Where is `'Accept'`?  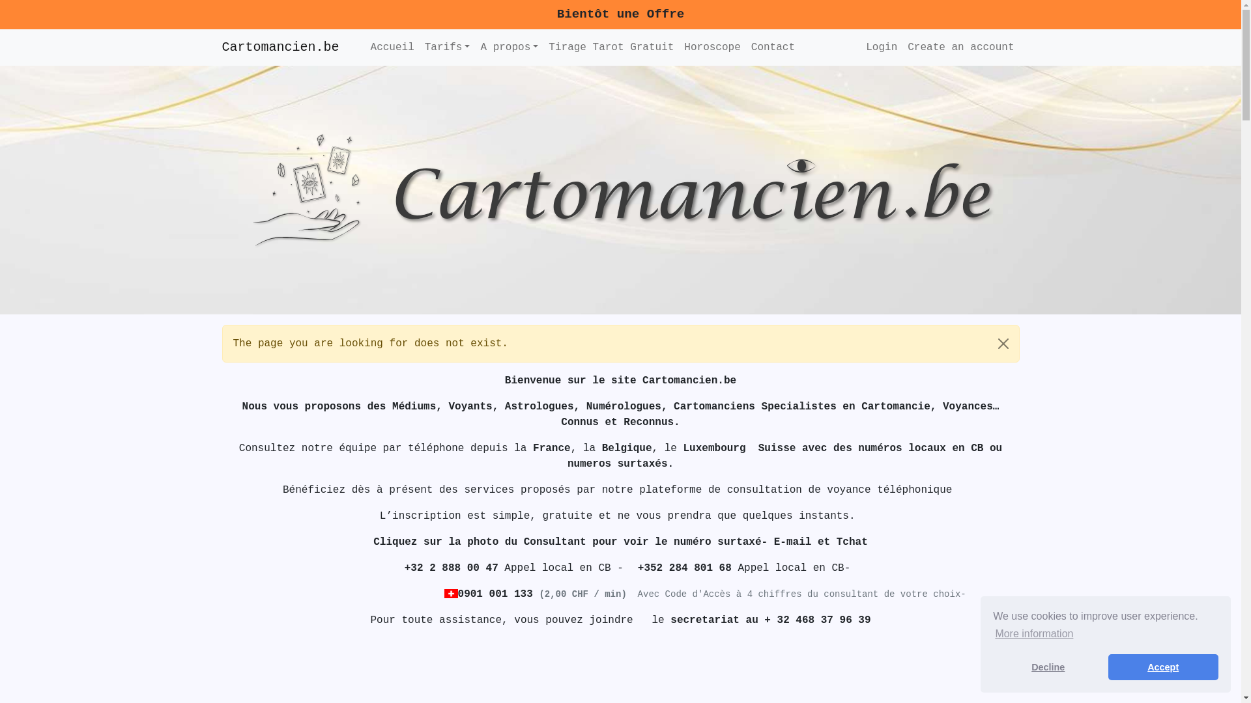 'Accept' is located at coordinates (1163, 667).